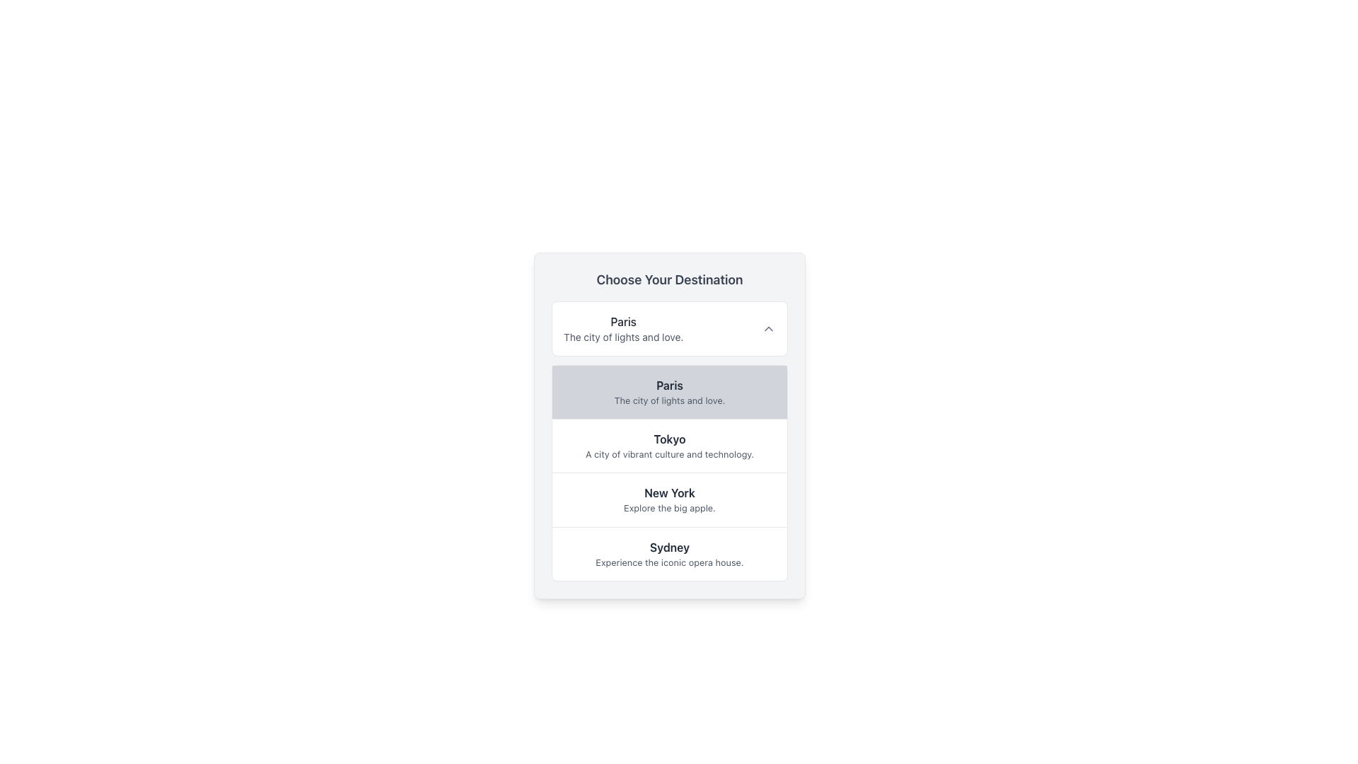 This screenshot has width=1358, height=764. I want to click on the text label reading 'Sydney' that is styled with a bold font and dark gray color, located at the top of the last card in a vertical list, so click(668, 546).